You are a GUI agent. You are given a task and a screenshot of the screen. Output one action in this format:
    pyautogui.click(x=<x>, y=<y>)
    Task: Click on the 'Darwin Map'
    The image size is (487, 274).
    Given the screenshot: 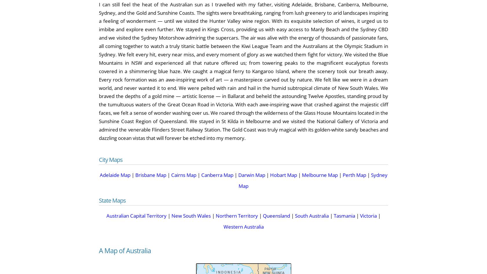 What is the action you would take?
    pyautogui.click(x=251, y=174)
    